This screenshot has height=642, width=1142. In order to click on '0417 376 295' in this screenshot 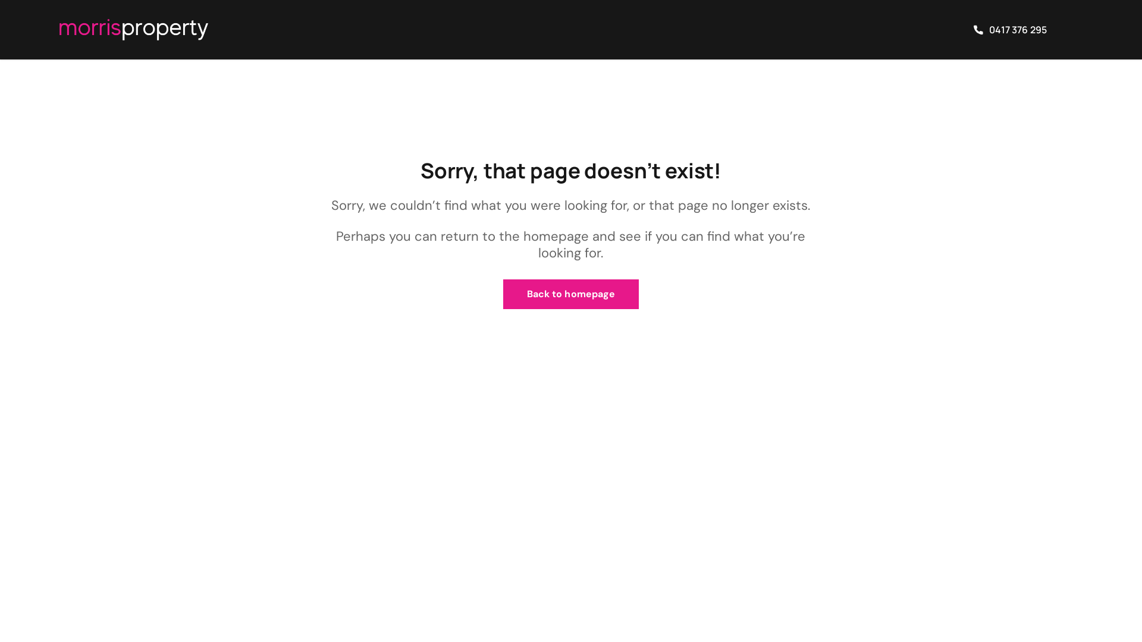, I will do `click(1009, 29)`.